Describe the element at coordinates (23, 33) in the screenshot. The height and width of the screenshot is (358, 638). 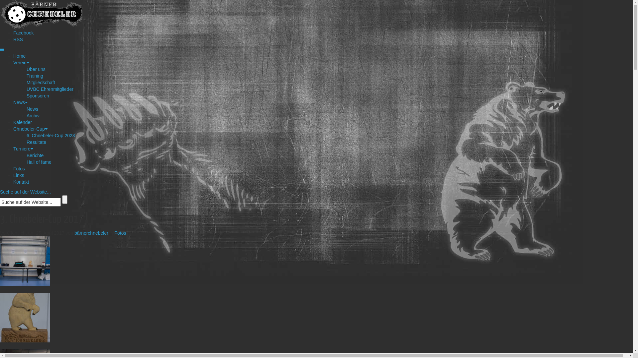
I see `'Facebook'` at that location.